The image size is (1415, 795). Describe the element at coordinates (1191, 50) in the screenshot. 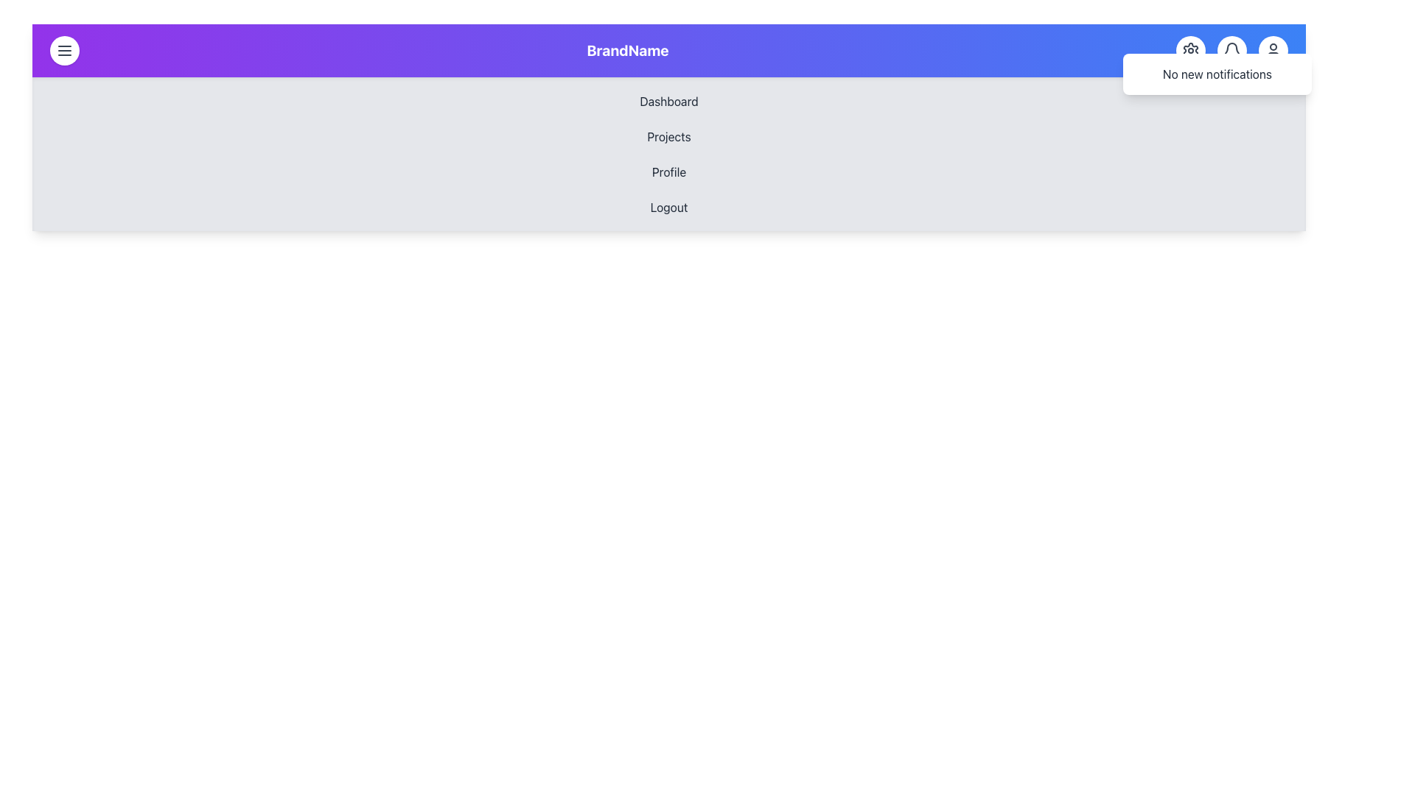

I see `the circular settings button with a white background and gray text located in the top-right corner of the interface` at that location.